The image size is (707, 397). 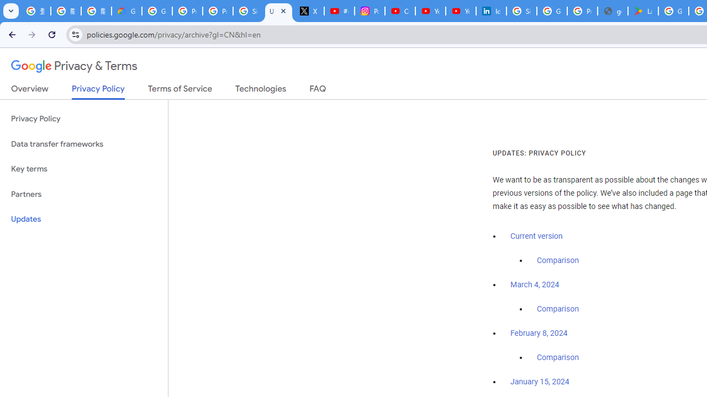 What do you see at coordinates (521, 11) in the screenshot?
I see `'Sign in - Google Accounts'` at bounding box center [521, 11].